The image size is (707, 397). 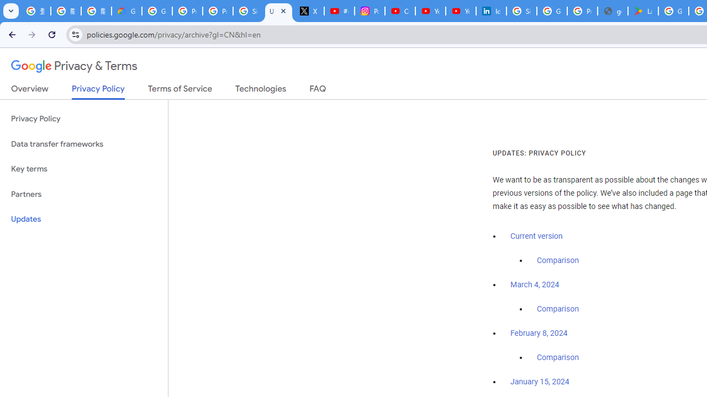 What do you see at coordinates (521, 11) in the screenshot?
I see `'Sign in - Google Accounts'` at bounding box center [521, 11].